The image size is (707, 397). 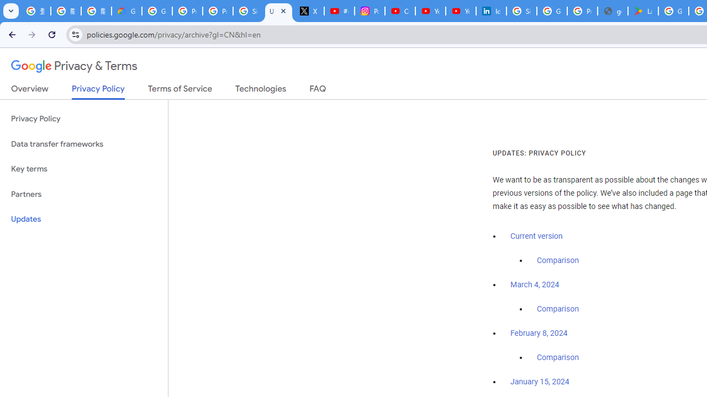 What do you see at coordinates (521, 11) in the screenshot?
I see `'Sign in - Google Accounts'` at bounding box center [521, 11].